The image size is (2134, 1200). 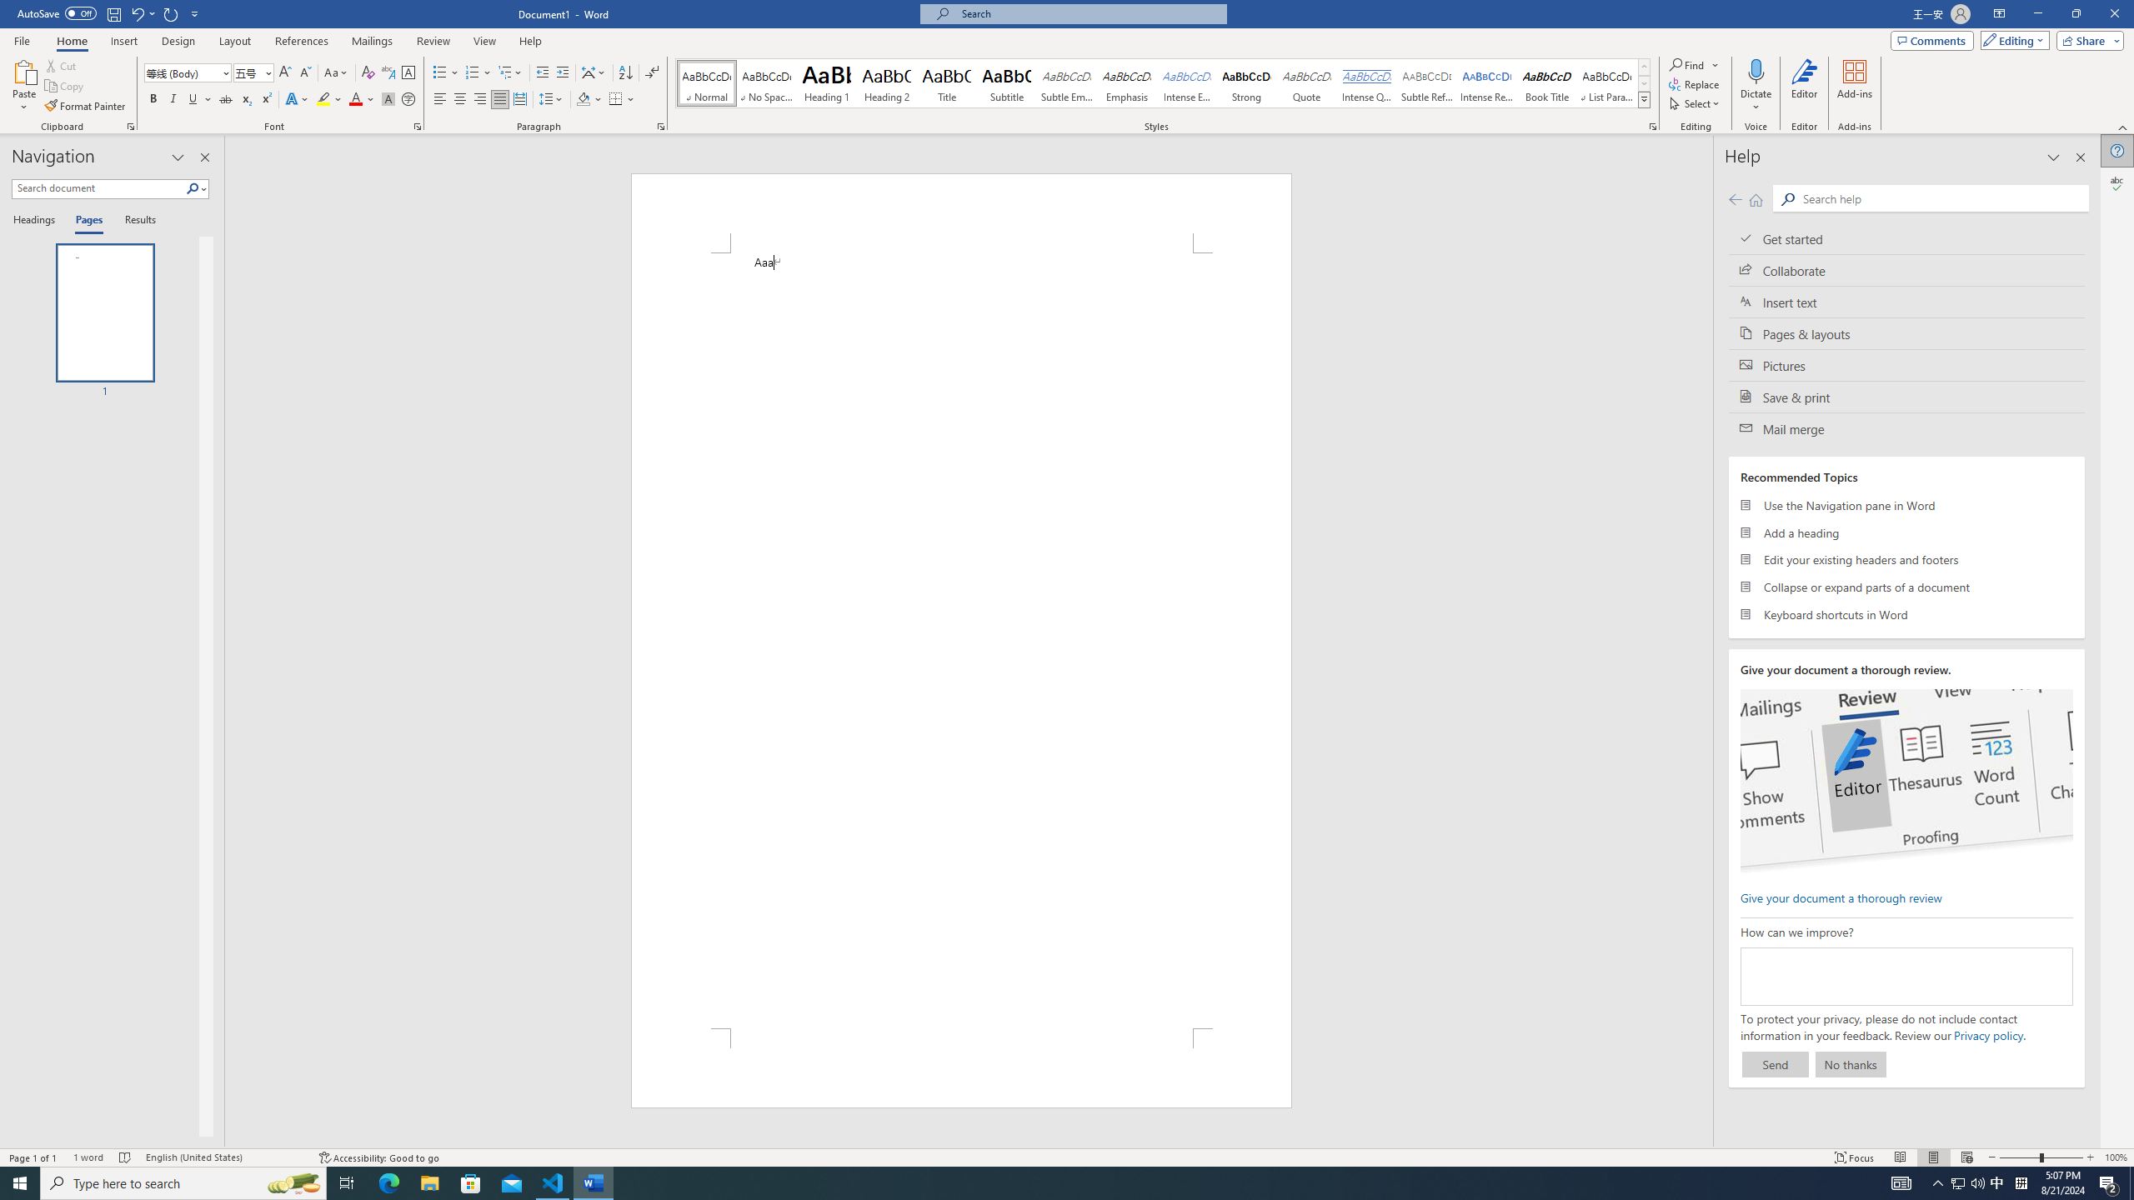 I want to click on 'Phonetic Guide...', so click(x=387, y=72).